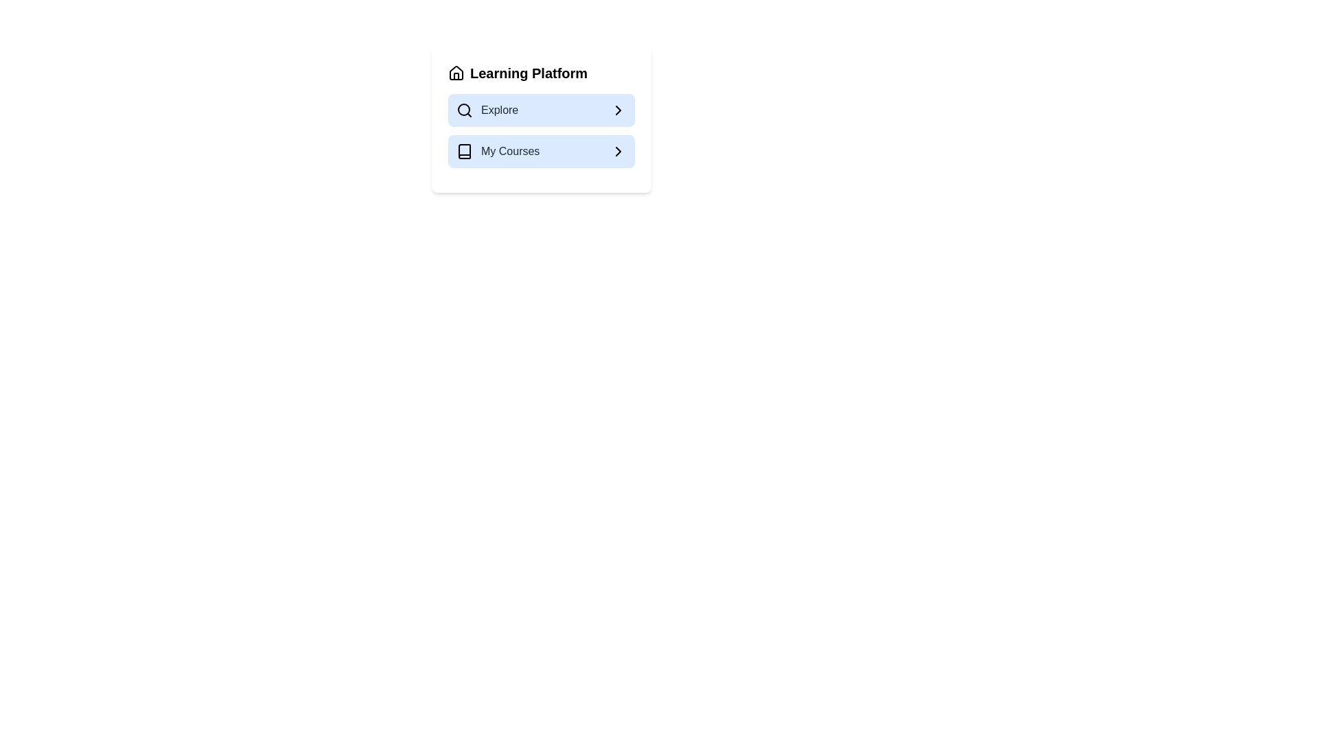  I want to click on the 'My Courses' text and accompanying book icon to trigger a visual response, so click(497, 151).